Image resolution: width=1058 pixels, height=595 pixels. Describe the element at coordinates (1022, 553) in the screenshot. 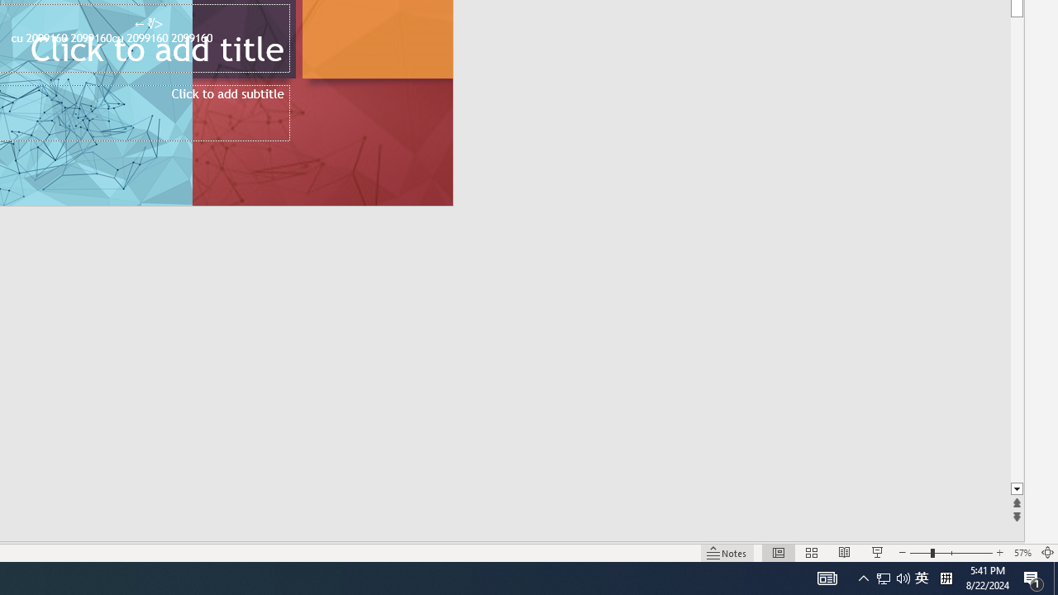

I see `'Zoom 57%'` at that location.